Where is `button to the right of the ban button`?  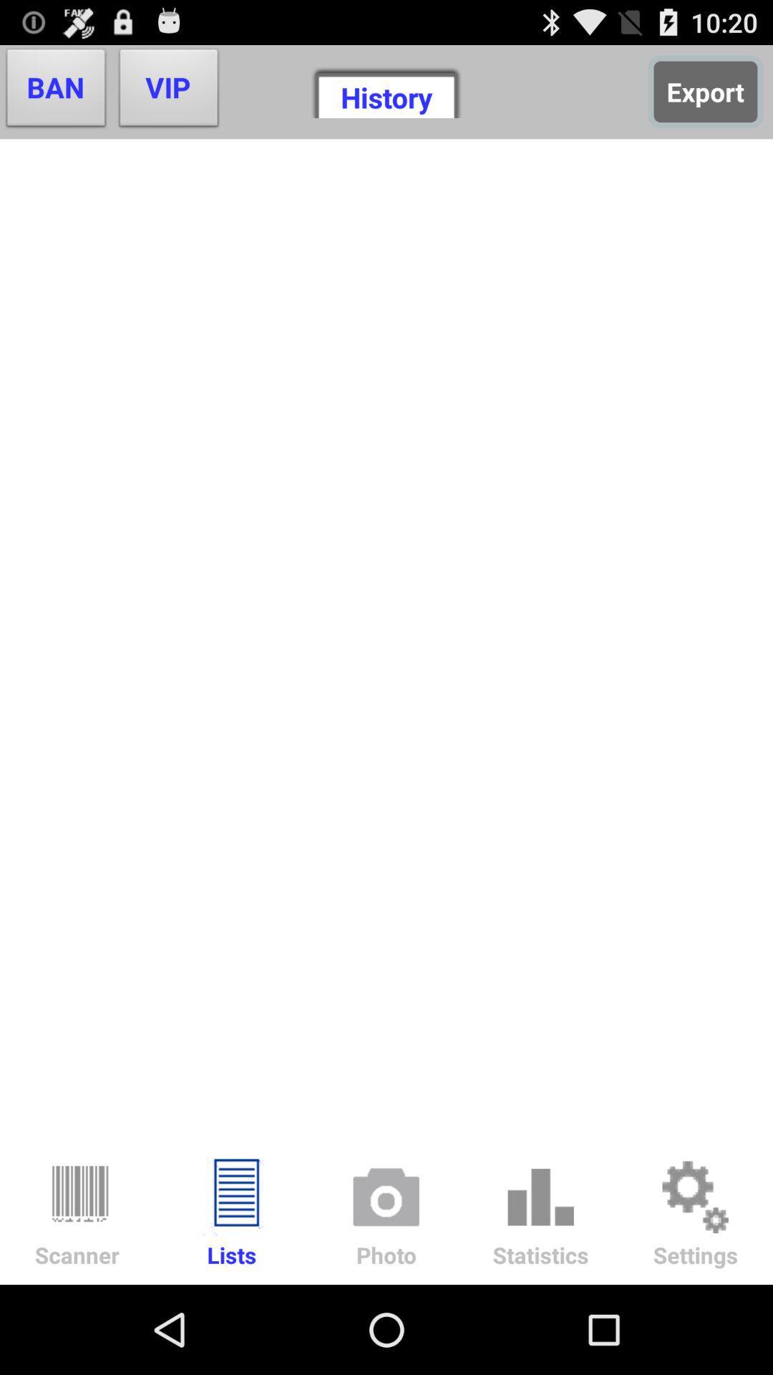
button to the right of the ban button is located at coordinates (168, 91).